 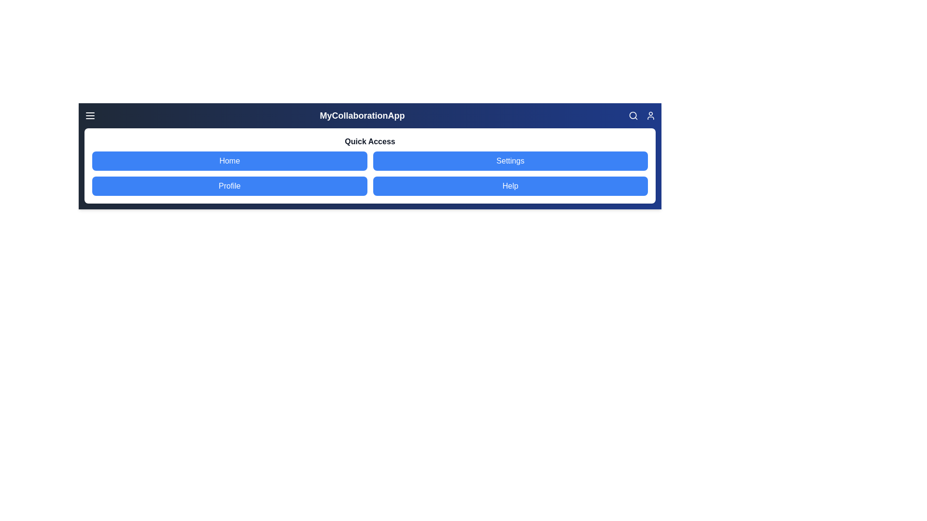 I want to click on the Home button in the quick access section, so click(x=229, y=161).